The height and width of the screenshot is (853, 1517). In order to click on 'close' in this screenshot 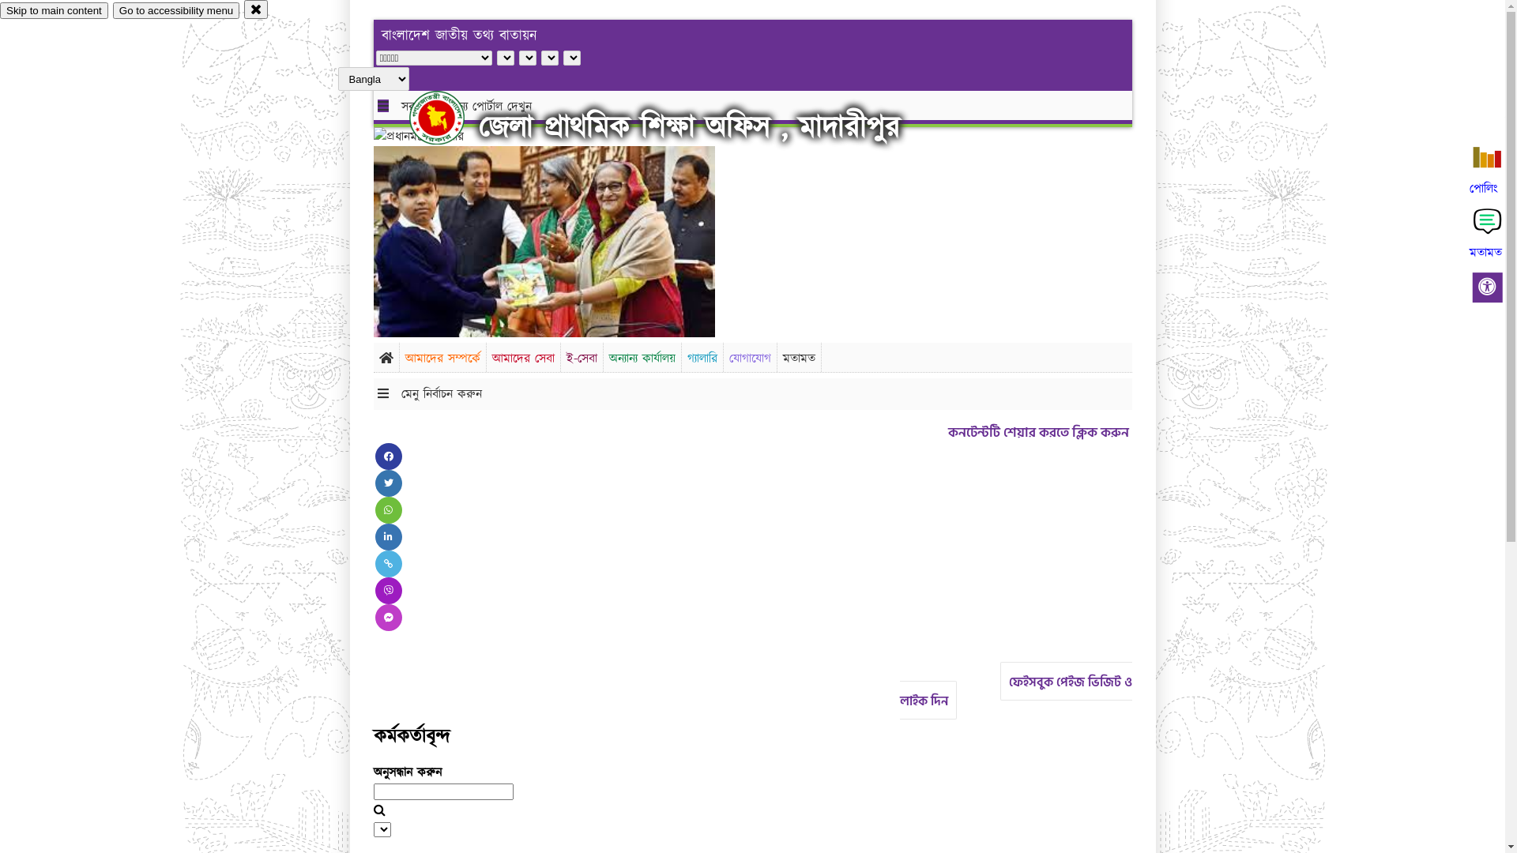, I will do `click(256, 9)`.